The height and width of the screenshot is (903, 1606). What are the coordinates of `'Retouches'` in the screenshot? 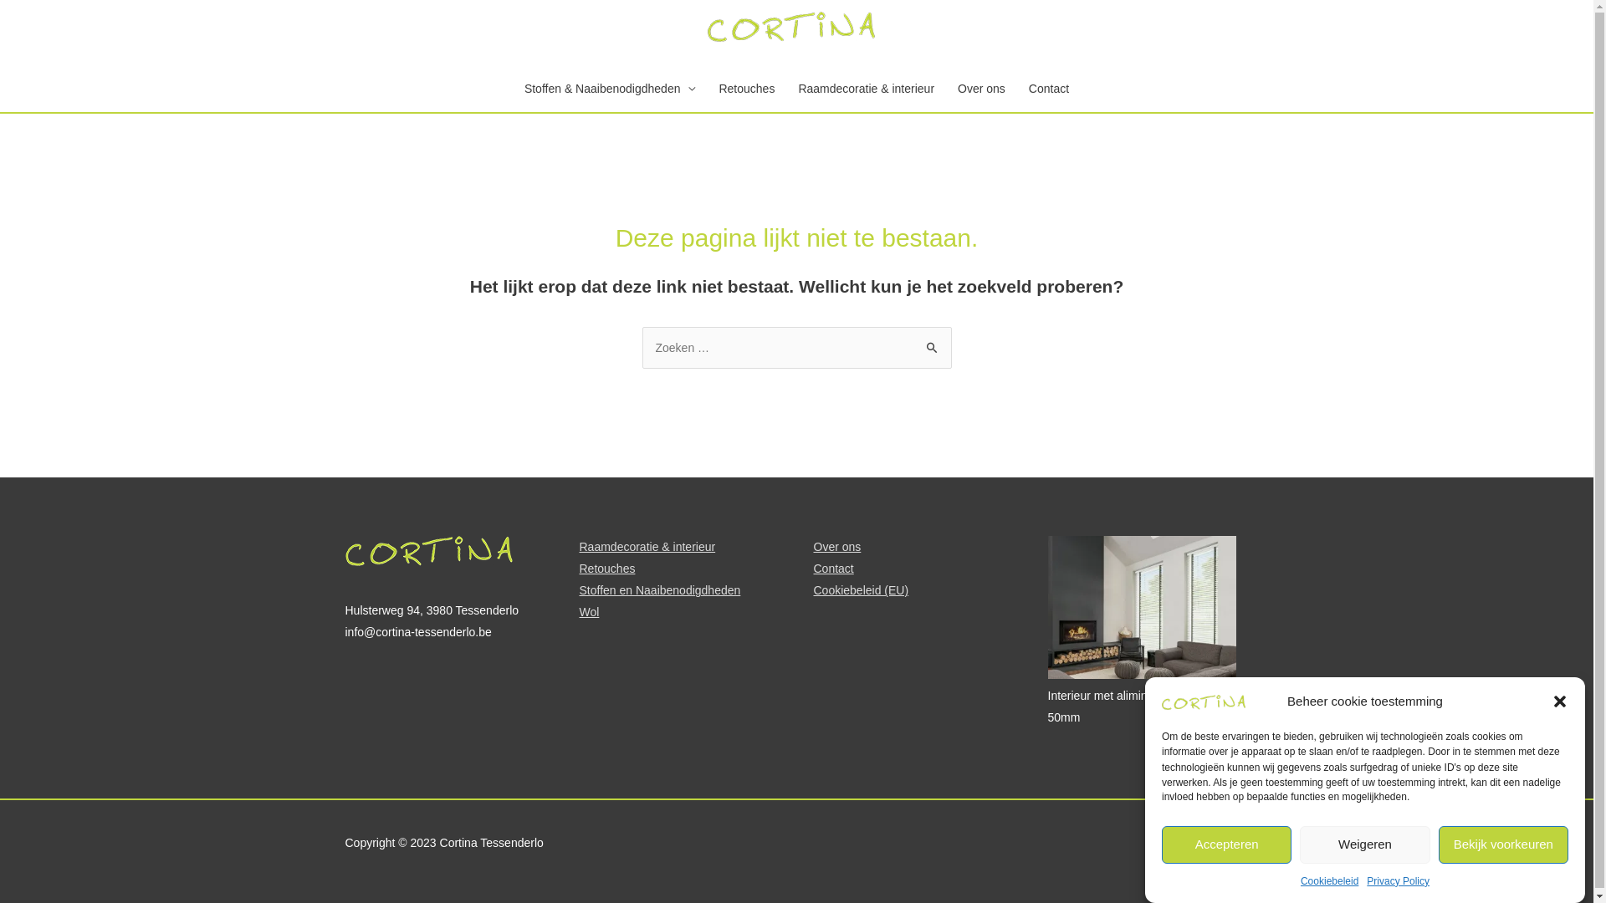 It's located at (578, 567).